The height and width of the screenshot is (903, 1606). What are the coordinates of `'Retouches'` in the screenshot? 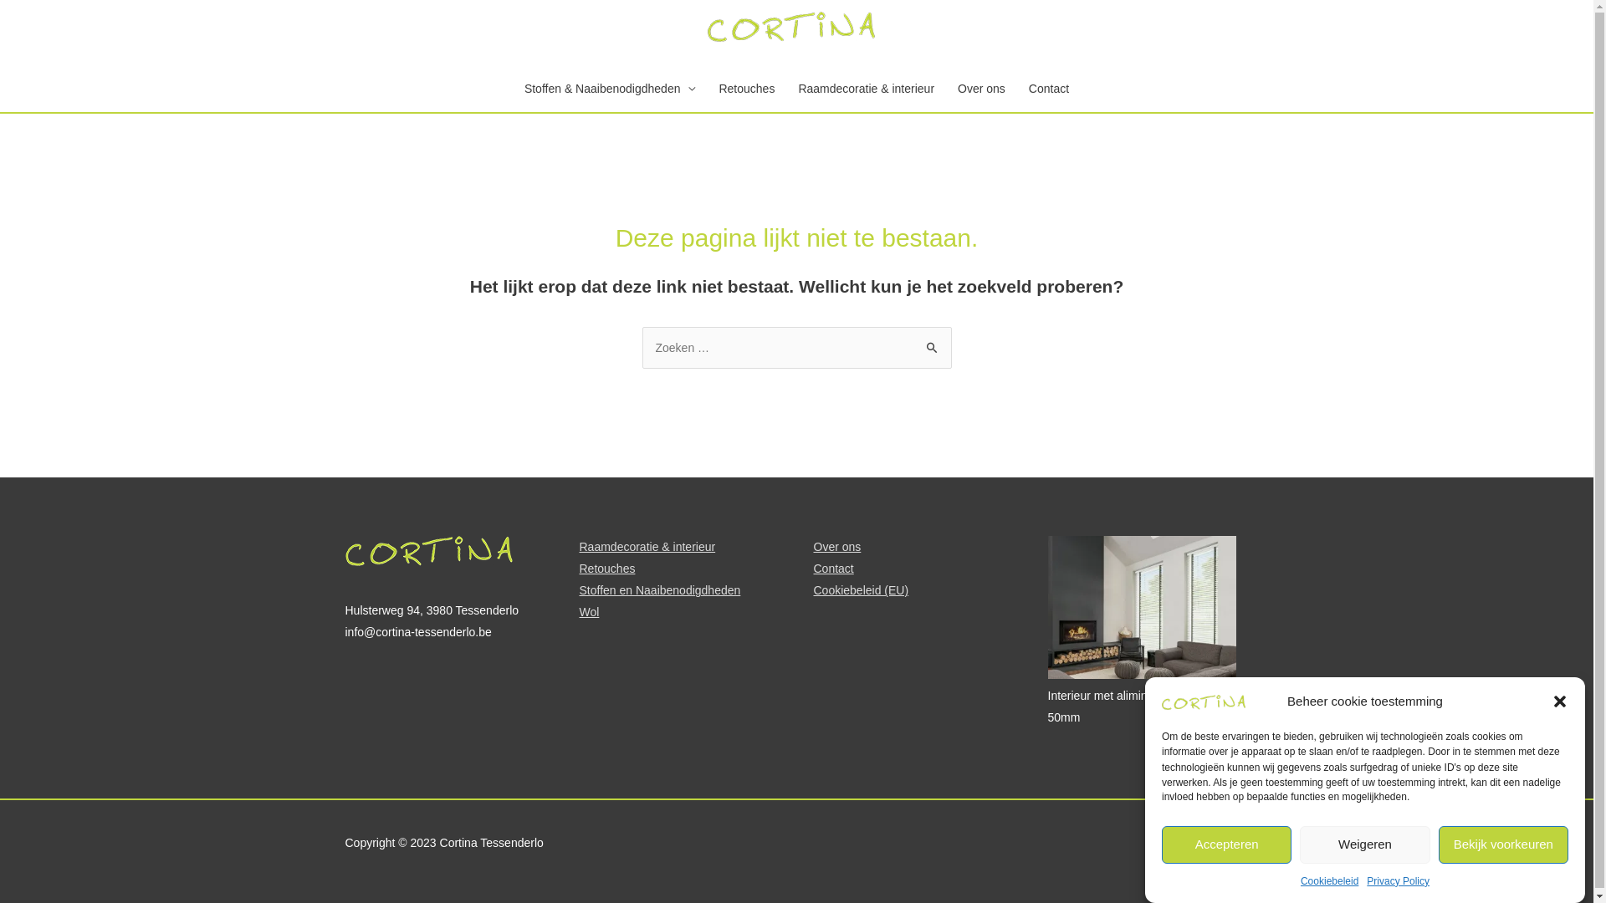 It's located at (578, 567).